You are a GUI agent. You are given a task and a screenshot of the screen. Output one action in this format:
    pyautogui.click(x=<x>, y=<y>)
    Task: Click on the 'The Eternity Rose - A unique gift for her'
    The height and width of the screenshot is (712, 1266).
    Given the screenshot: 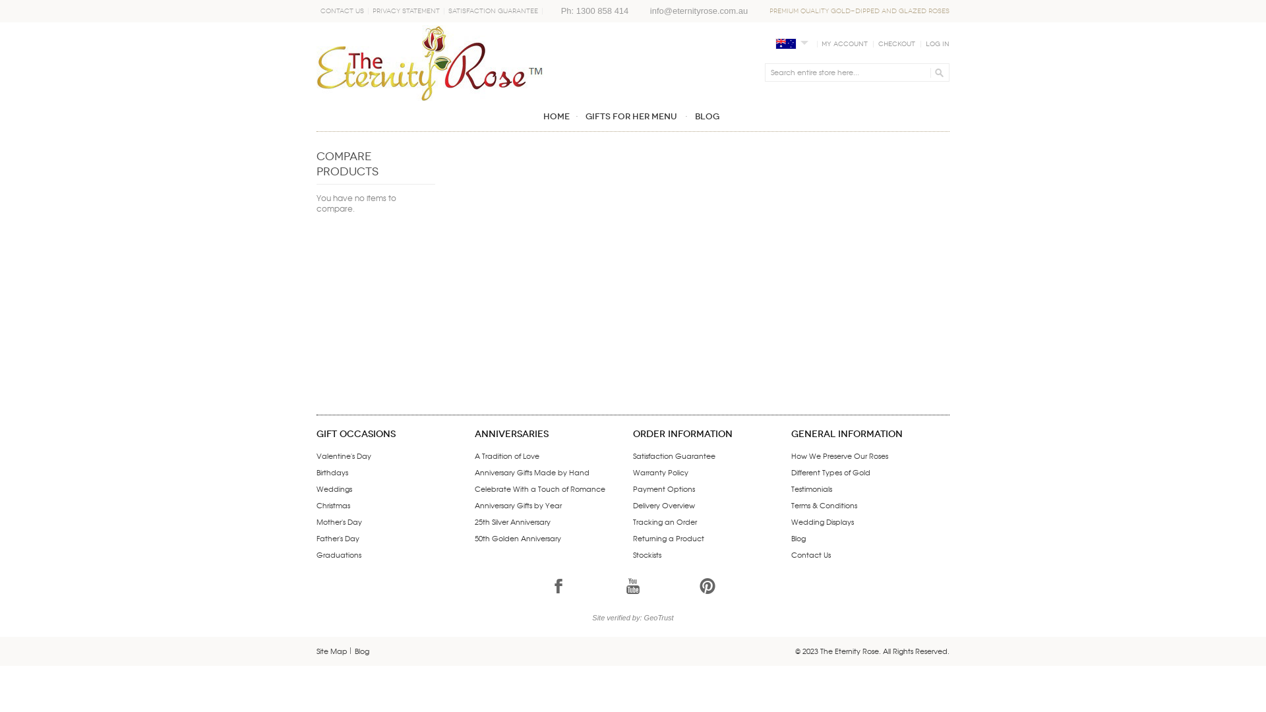 What is the action you would take?
    pyautogui.click(x=430, y=63)
    